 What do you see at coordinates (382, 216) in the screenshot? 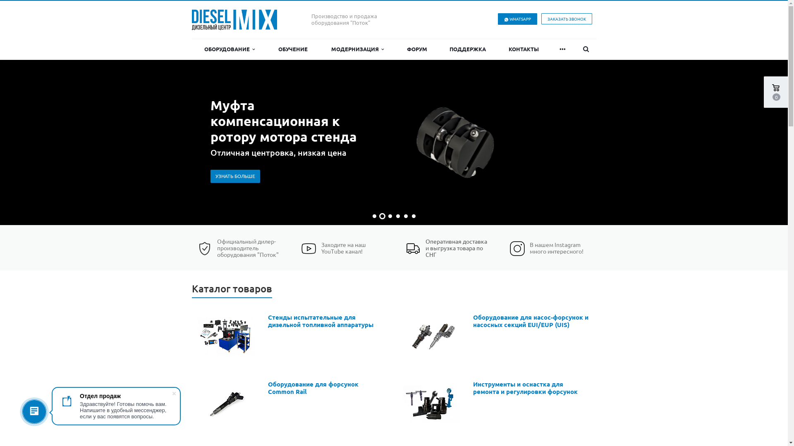
I see `'2'` at bounding box center [382, 216].